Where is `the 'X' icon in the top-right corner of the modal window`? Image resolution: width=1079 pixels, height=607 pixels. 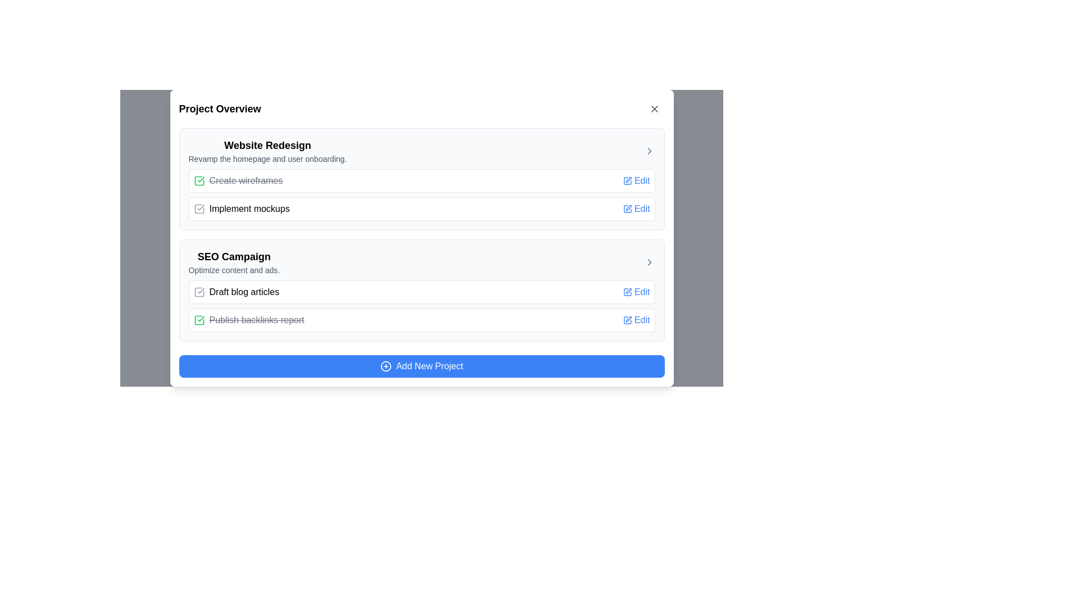
the 'X' icon in the top-right corner of the modal window is located at coordinates (654, 108).